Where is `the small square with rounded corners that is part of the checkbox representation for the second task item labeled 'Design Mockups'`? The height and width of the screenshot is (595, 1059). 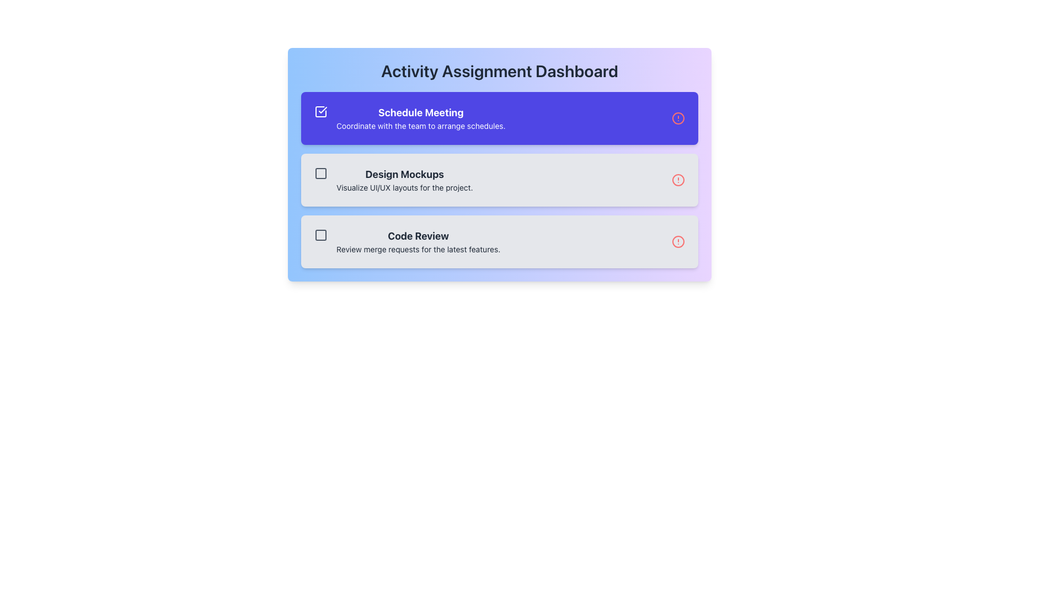 the small square with rounded corners that is part of the checkbox representation for the second task item labeled 'Design Mockups' is located at coordinates (320, 174).